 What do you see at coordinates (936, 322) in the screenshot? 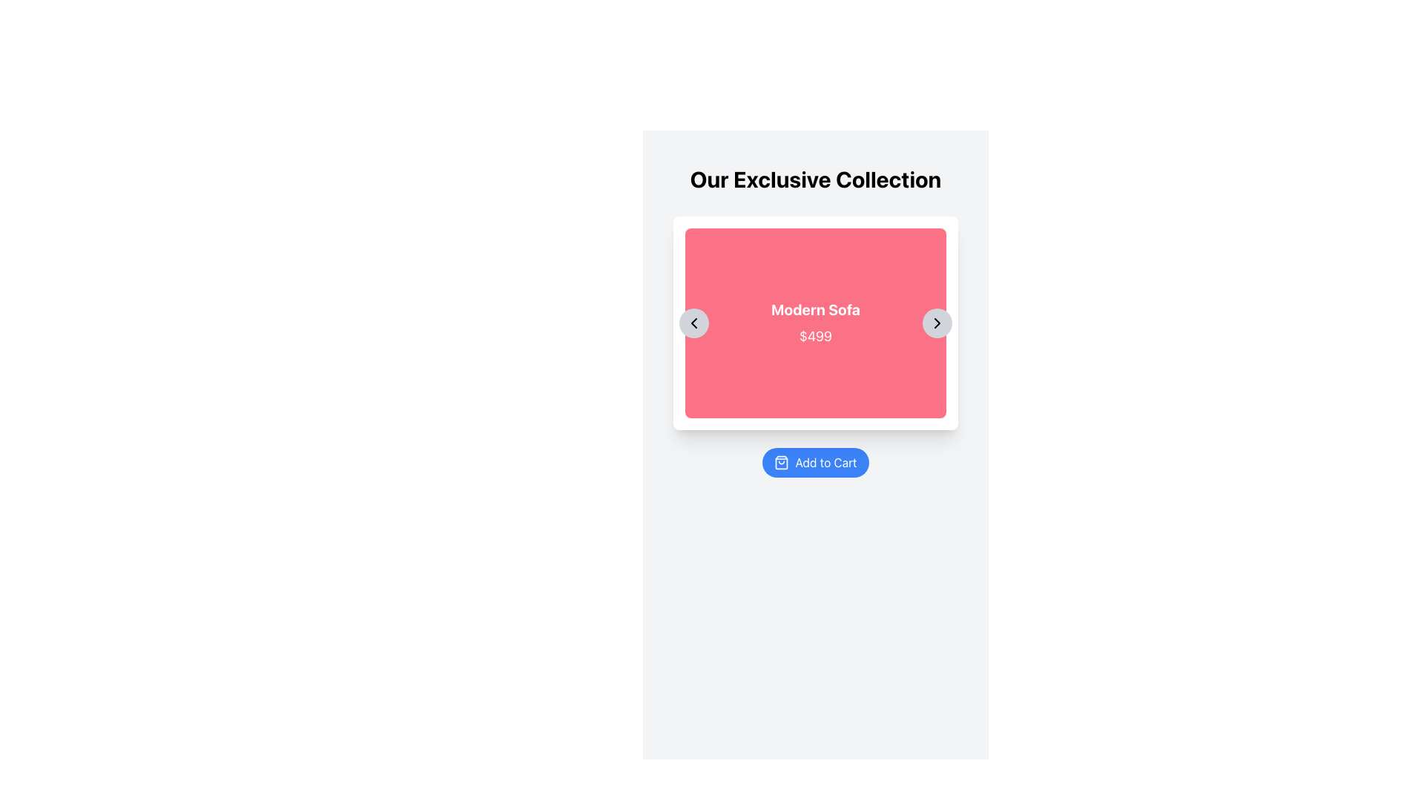
I see `the small right-pointing chevron icon located within the circular button on the middle-right side of the pink card displaying product details for 'Modern Sofa' priced at '$499'` at bounding box center [936, 322].